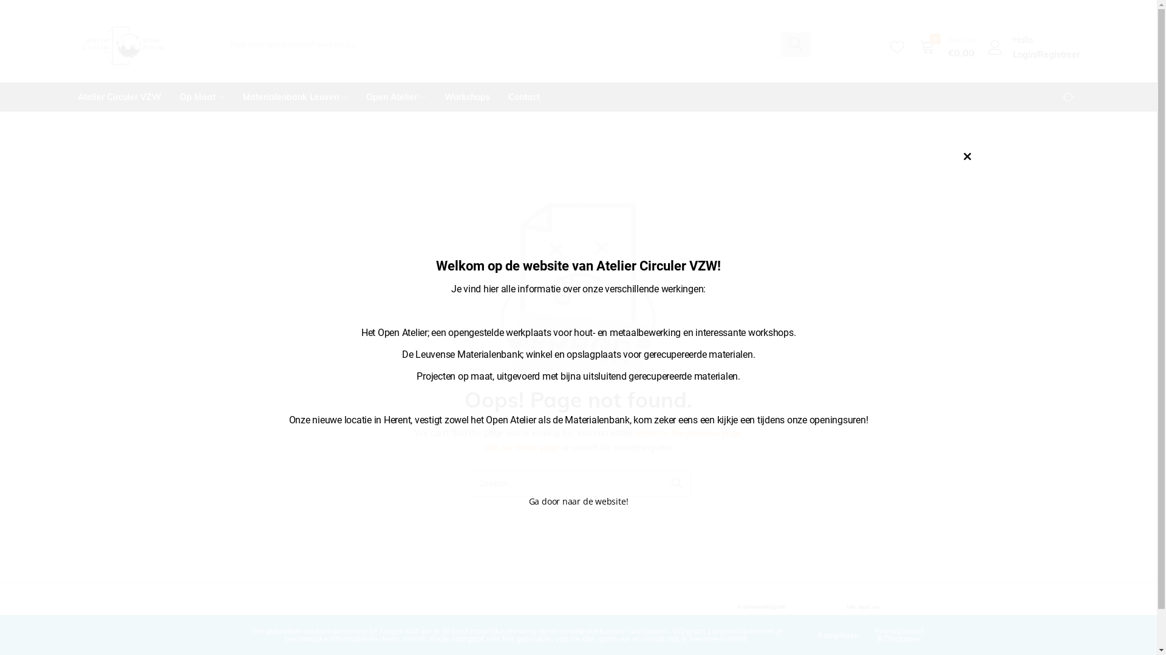  Describe the element at coordinates (899, 634) in the screenshot. I see `'Privacybeleid & Disclaimer'` at that location.